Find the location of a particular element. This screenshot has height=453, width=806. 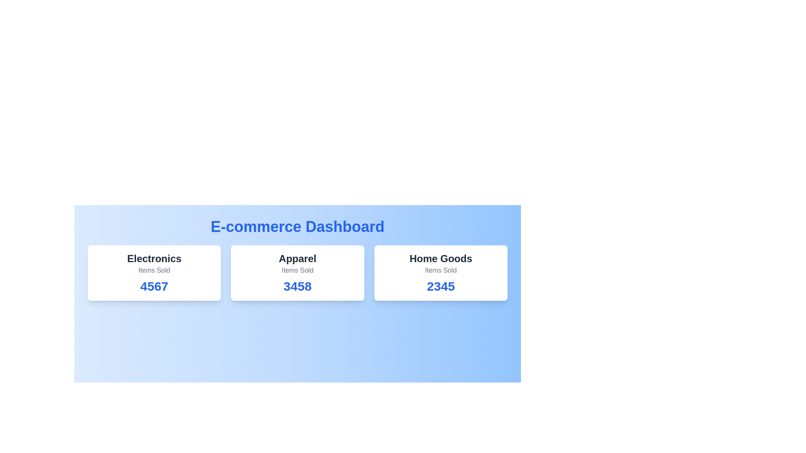

the category Electronics to emphasize it is located at coordinates (154, 258).